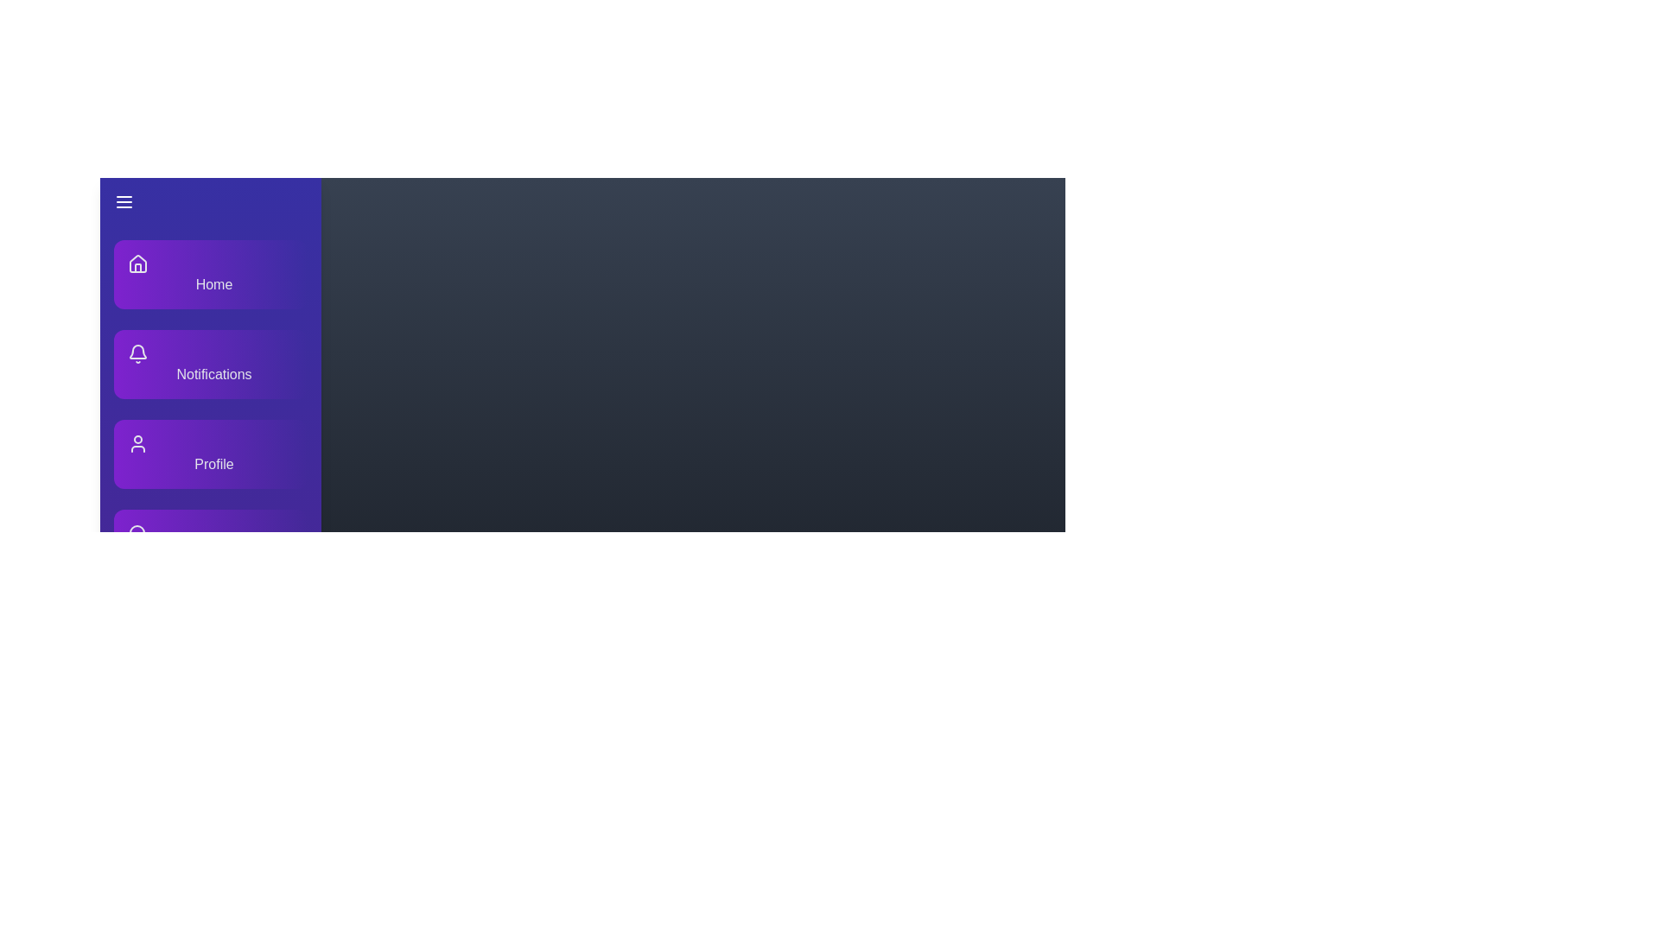 The image size is (1659, 933). Describe the element at coordinates (210, 453) in the screenshot. I see `the menu item labeled 'Profile' to observe its hover effect` at that location.